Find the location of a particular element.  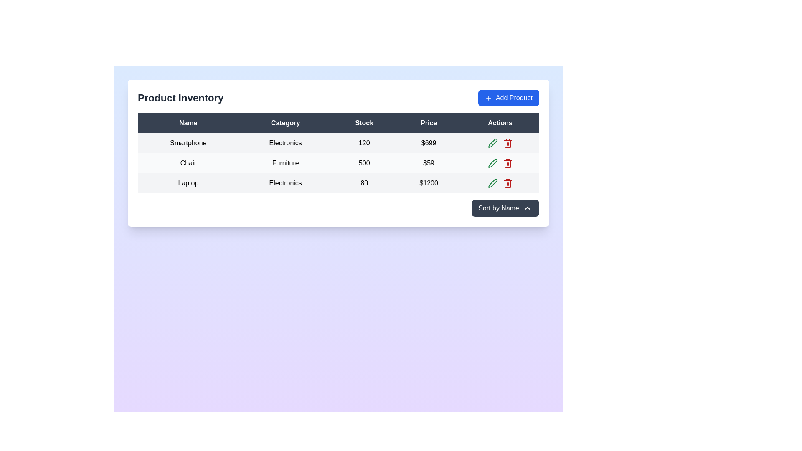

the text display element showing the value '$59' located in the 'Price' column of the table under the 'Furniture' entry is located at coordinates (429, 163).